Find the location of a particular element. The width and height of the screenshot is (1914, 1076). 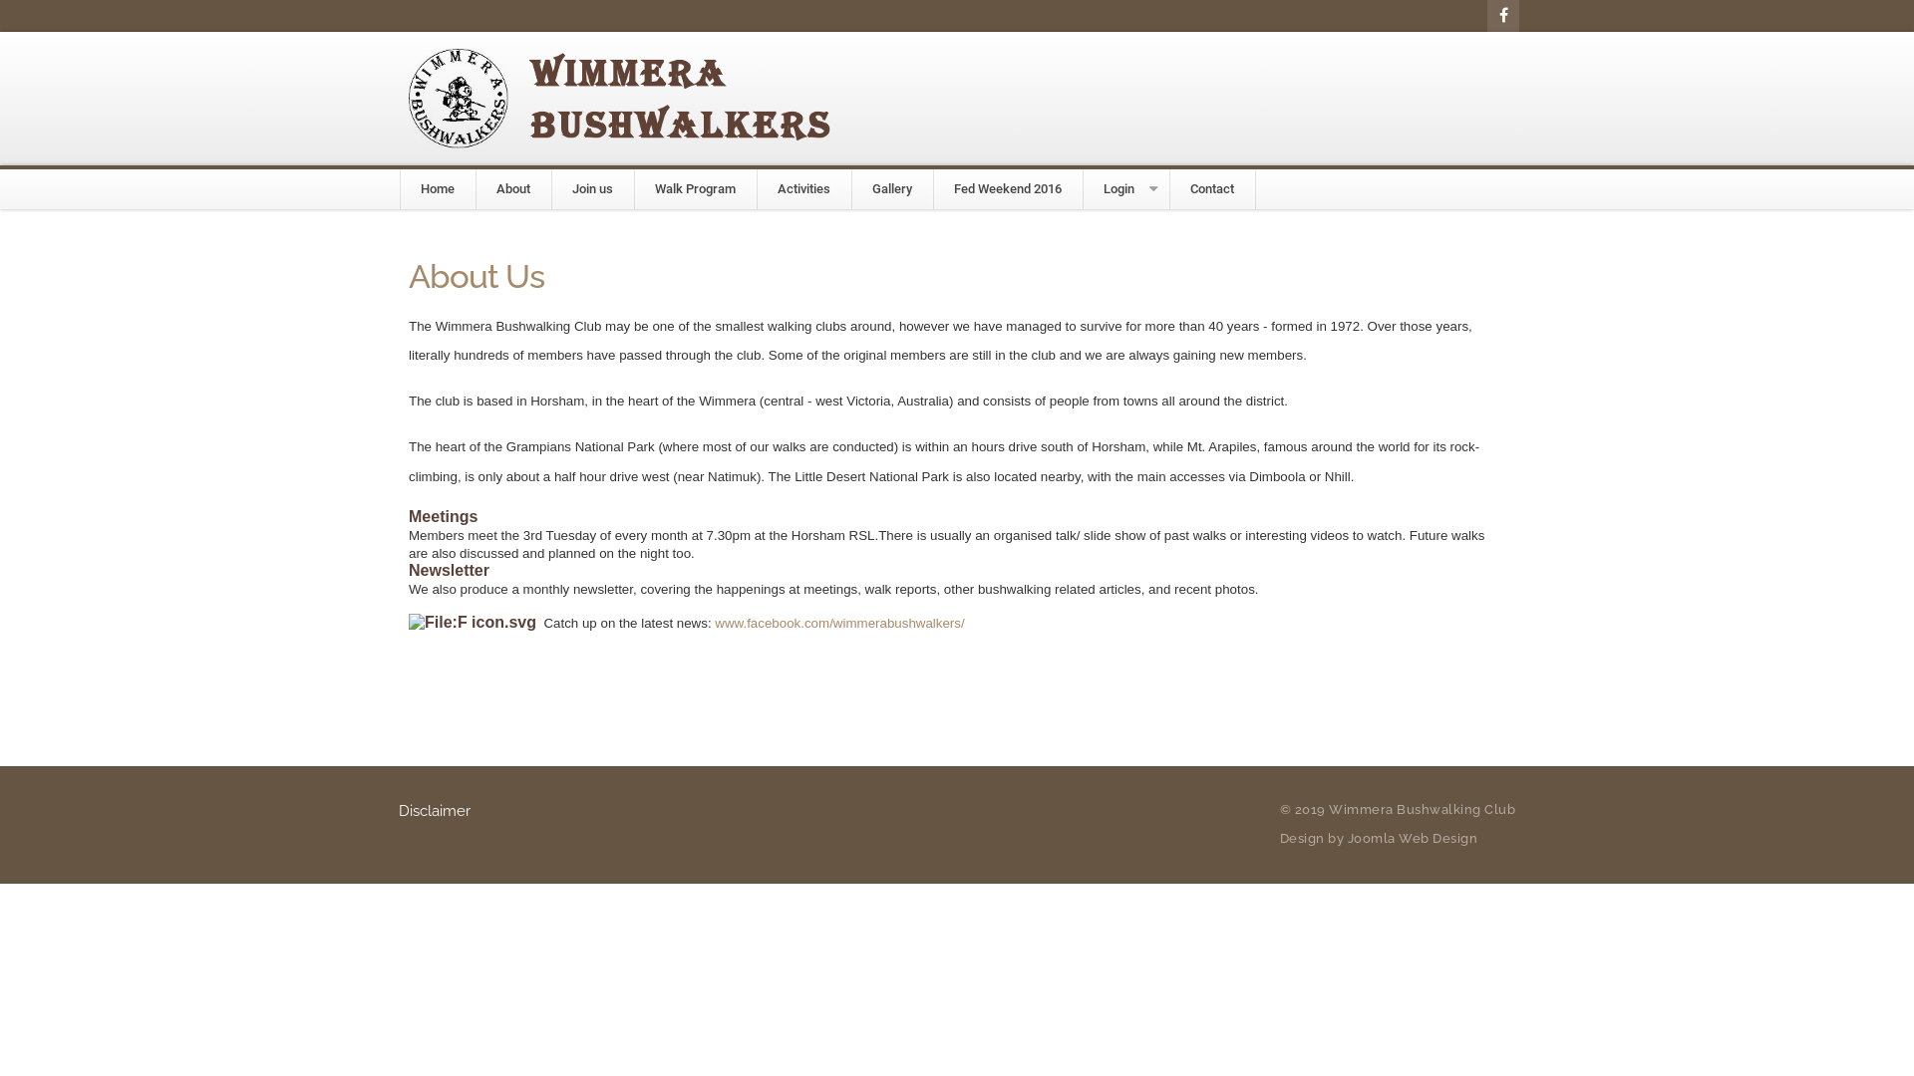

'Login' is located at coordinates (1118, 188).